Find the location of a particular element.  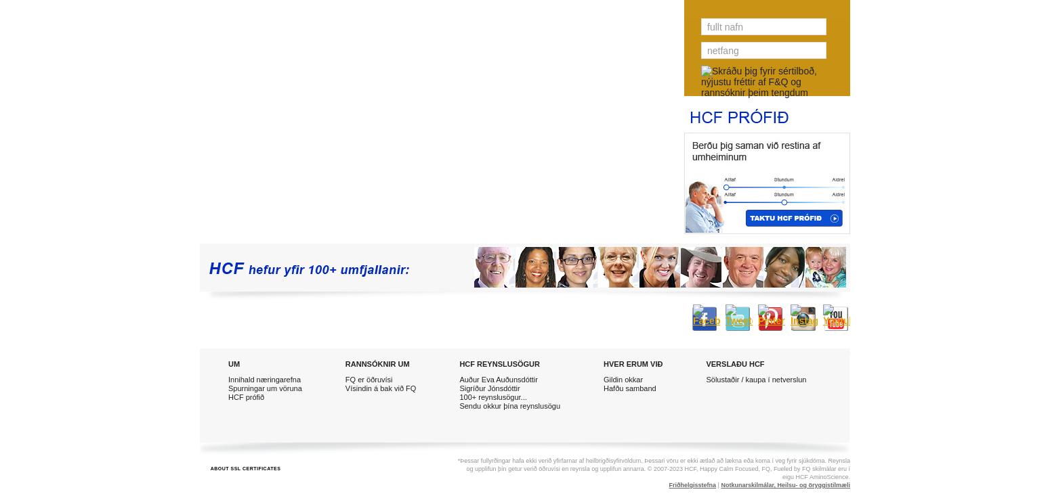

'HCF prófið' is located at coordinates (245, 397).